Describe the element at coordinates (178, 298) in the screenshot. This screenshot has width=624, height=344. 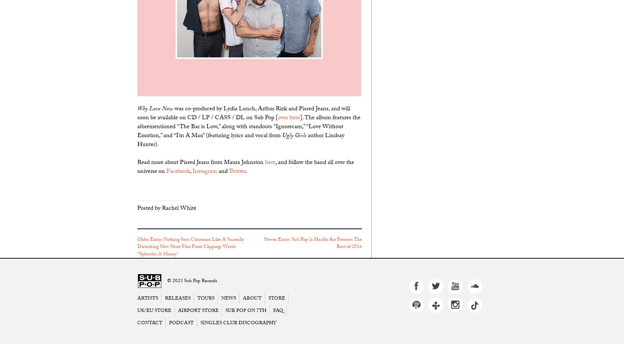
I see `'Releases'` at that location.